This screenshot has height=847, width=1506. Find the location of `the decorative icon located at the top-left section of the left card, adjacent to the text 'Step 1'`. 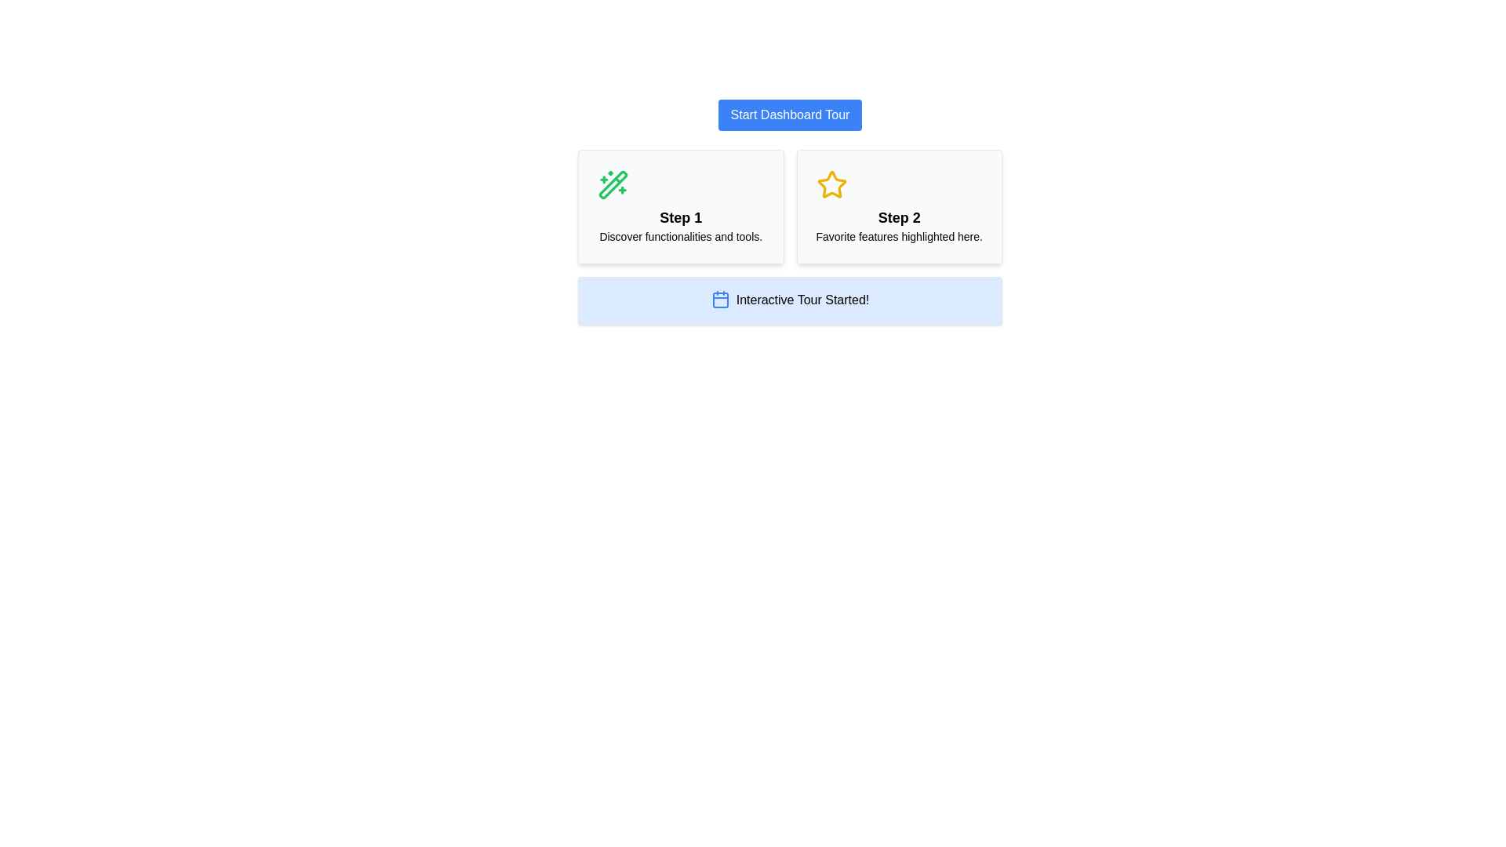

the decorative icon located at the top-left section of the left card, adjacent to the text 'Step 1' is located at coordinates (613, 184).